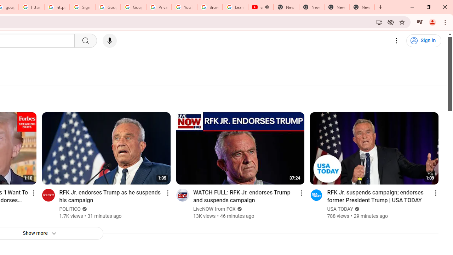 The width and height of the screenshot is (453, 255). What do you see at coordinates (70, 209) in the screenshot?
I see `'POLITICO'` at bounding box center [70, 209].